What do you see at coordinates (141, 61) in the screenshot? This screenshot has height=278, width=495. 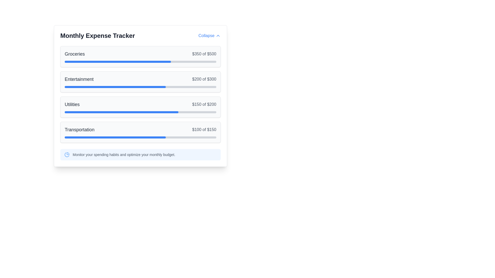 I see `the first progress bar element located in the 'Groceries' section of the card layout, which visually displays the progress of budget usage for groceries` at bounding box center [141, 61].